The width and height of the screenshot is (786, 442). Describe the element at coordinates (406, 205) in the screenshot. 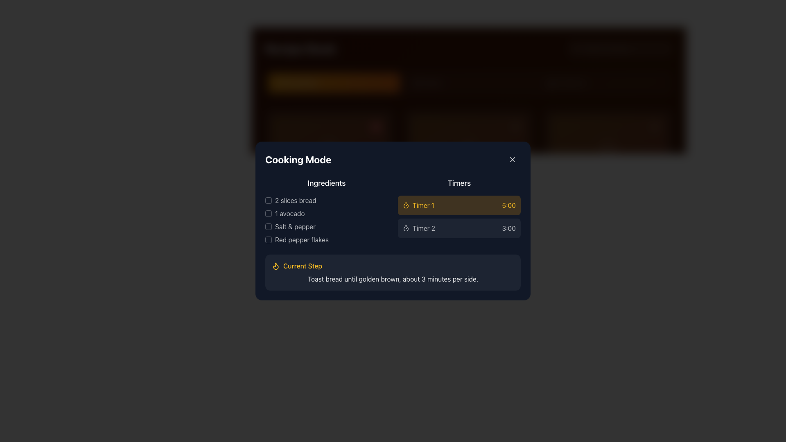

I see `the timer icon representing 'Timer 1' located in the 'Timers' section of the 'Cooking Mode' dialog box` at that location.